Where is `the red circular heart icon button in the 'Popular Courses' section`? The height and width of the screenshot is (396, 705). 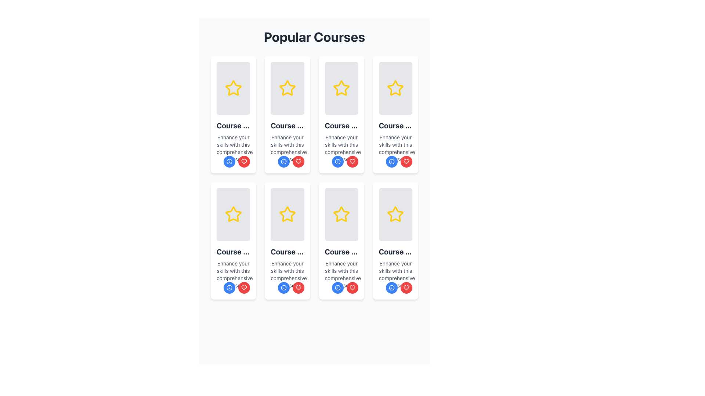
the red circular heart icon button in the 'Popular Courses' section is located at coordinates (244, 161).